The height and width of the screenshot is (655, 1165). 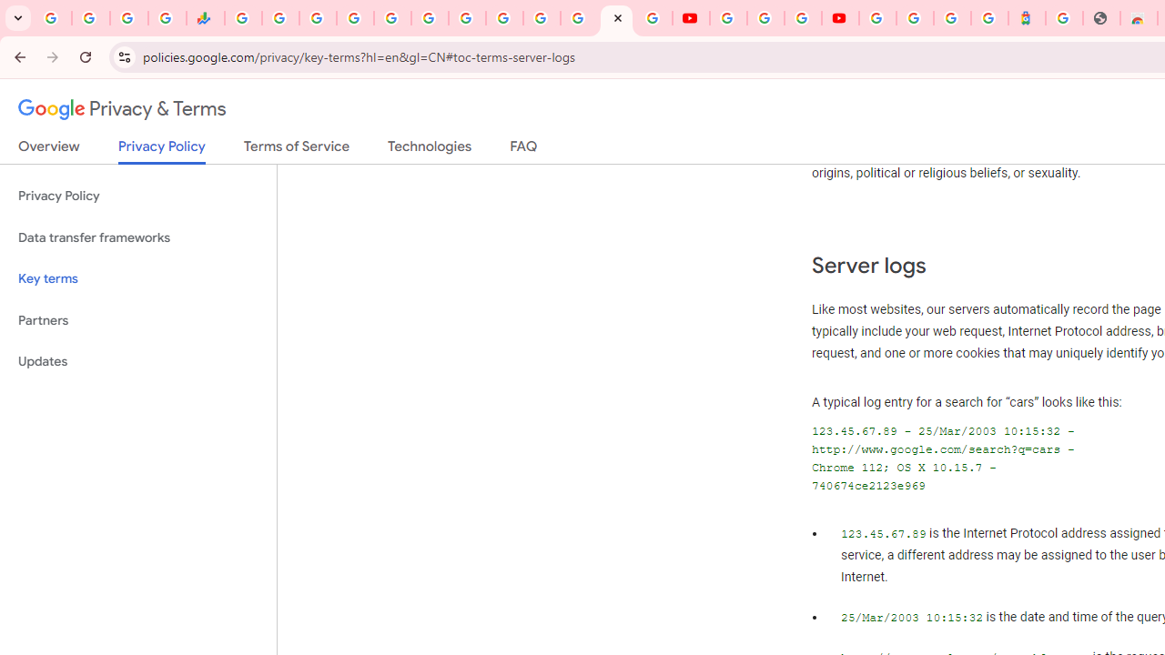 I want to click on 'YouTube', so click(x=728, y=18).